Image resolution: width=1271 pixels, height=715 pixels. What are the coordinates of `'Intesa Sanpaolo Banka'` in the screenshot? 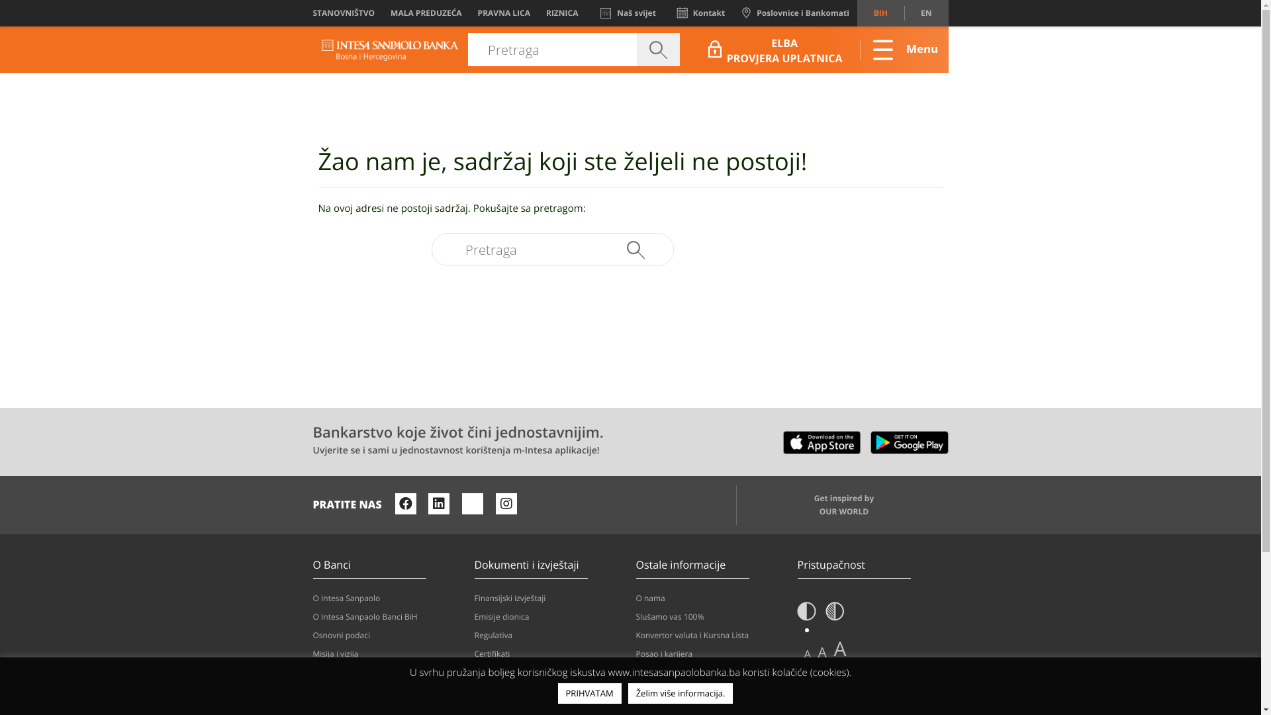 It's located at (389, 48).